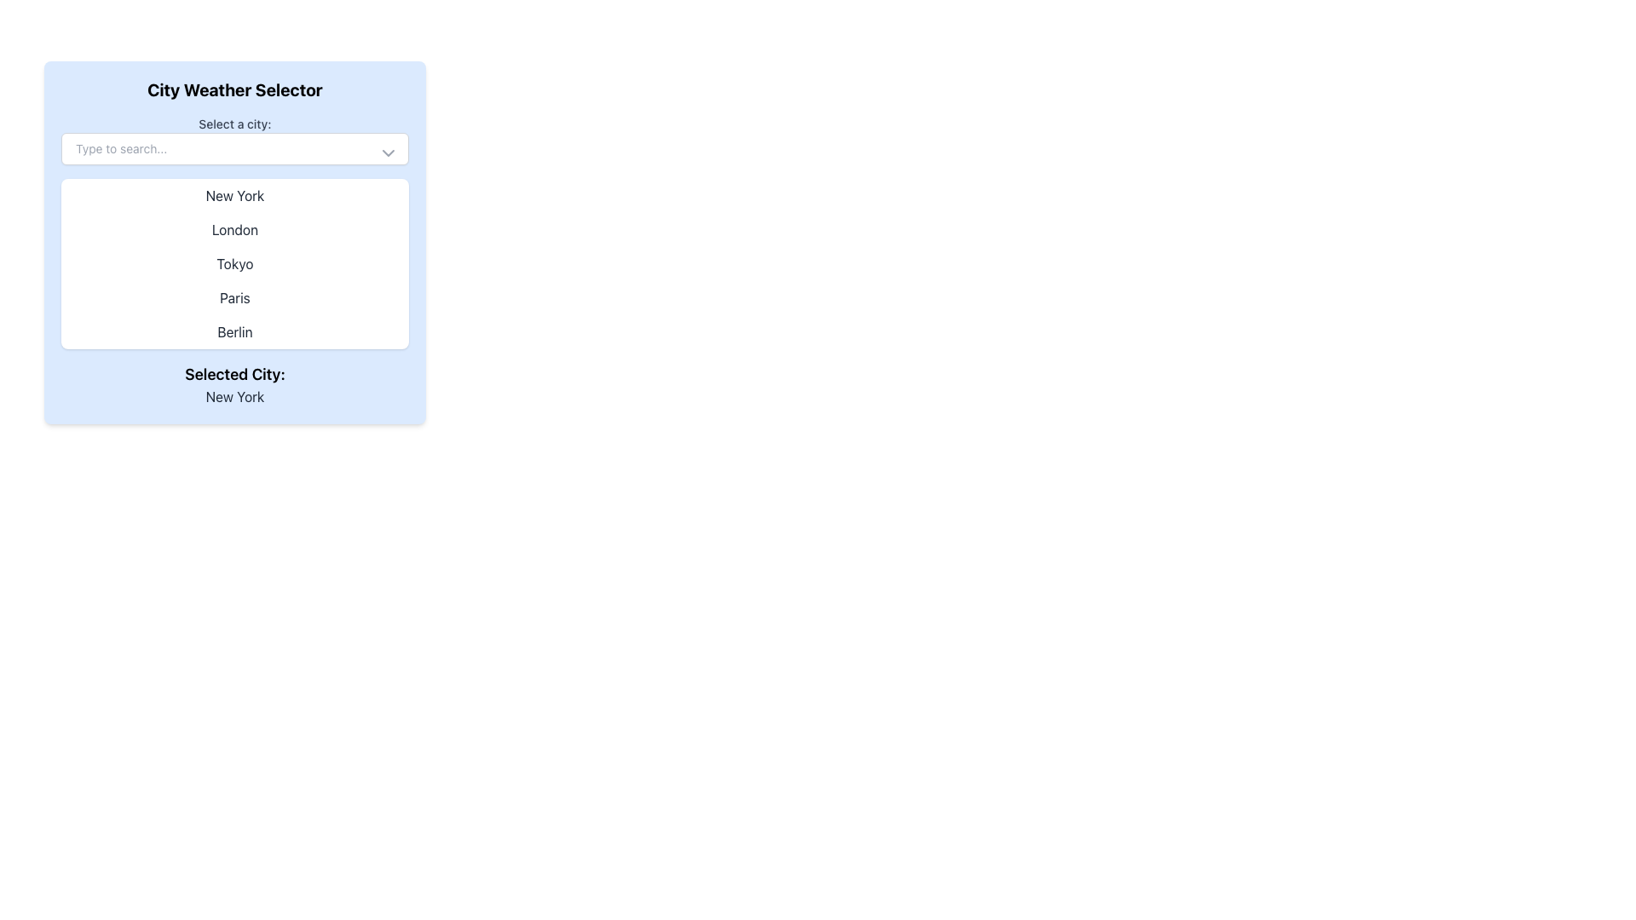 Image resolution: width=1636 pixels, height=920 pixels. Describe the element at coordinates (233, 297) in the screenshot. I see `the text element displaying 'Paris' in a dark gray font` at that location.